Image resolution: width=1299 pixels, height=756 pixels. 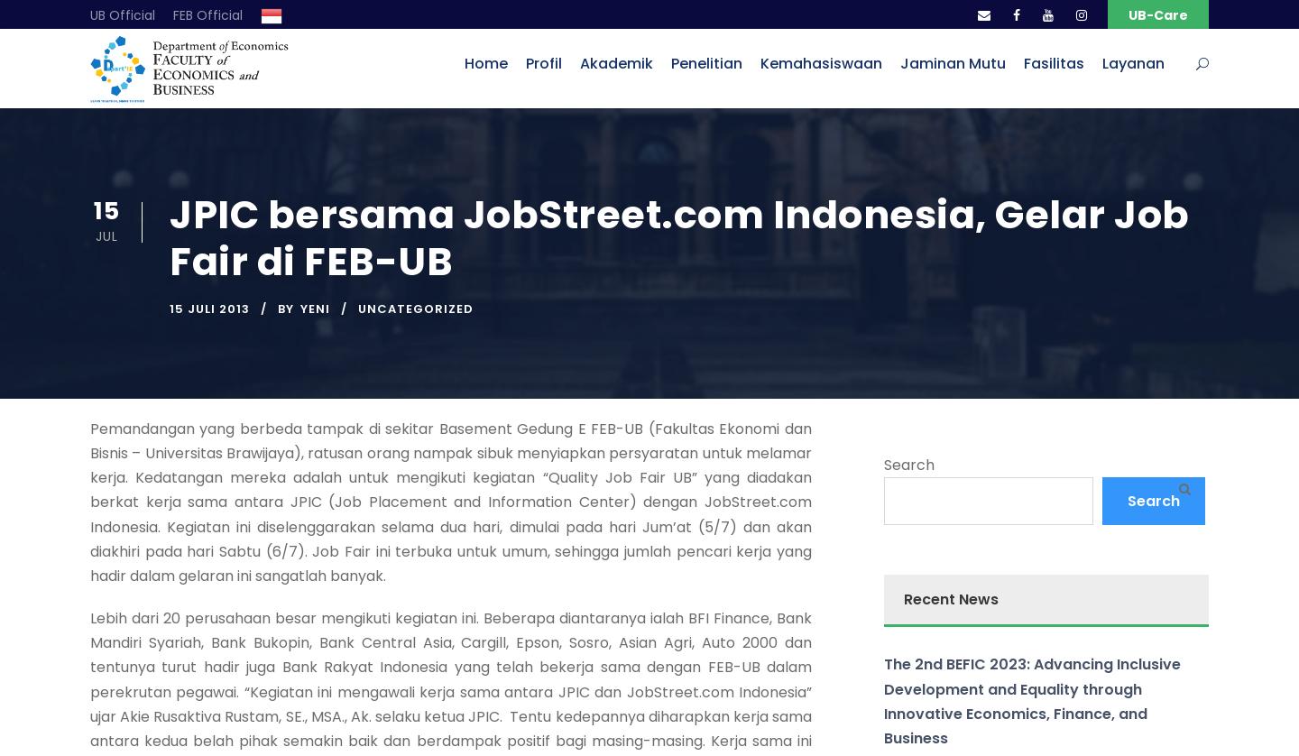 What do you see at coordinates (1054, 63) in the screenshot?
I see `'Fasilitas'` at bounding box center [1054, 63].